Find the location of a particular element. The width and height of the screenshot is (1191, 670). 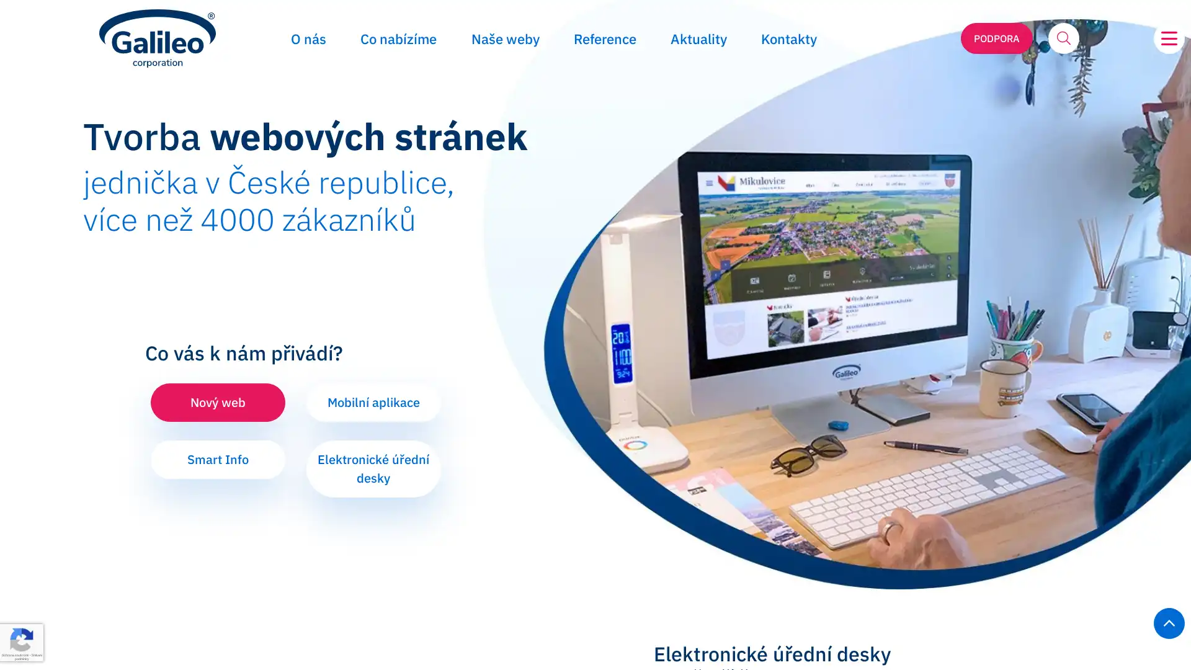

Odmitnout is located at coordinates (1027, 618).